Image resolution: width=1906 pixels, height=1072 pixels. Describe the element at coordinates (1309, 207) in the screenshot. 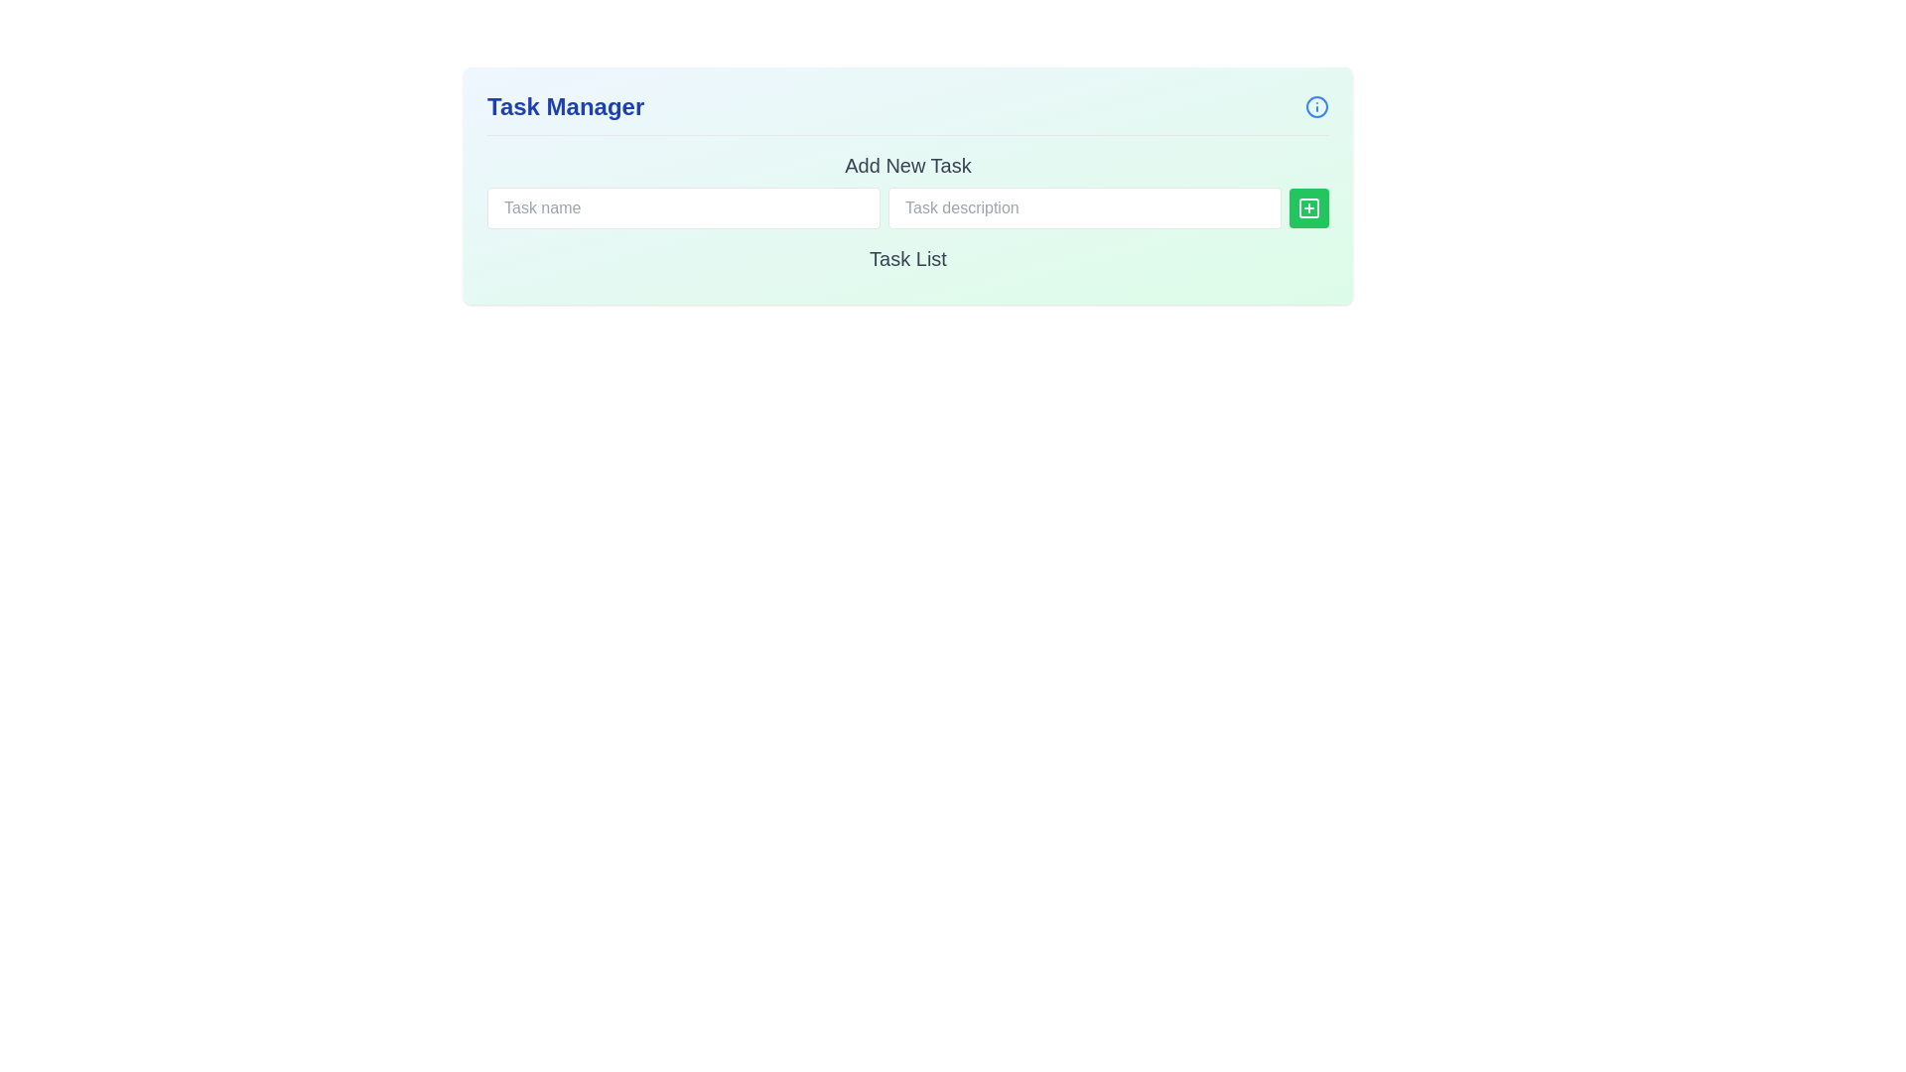

I see `the small rectangular box with rounded corners, styled with a light green border, located at the top center of the 'Add New Task' section's green button, which symbolizes a plus sign within a hollow square` at that location.